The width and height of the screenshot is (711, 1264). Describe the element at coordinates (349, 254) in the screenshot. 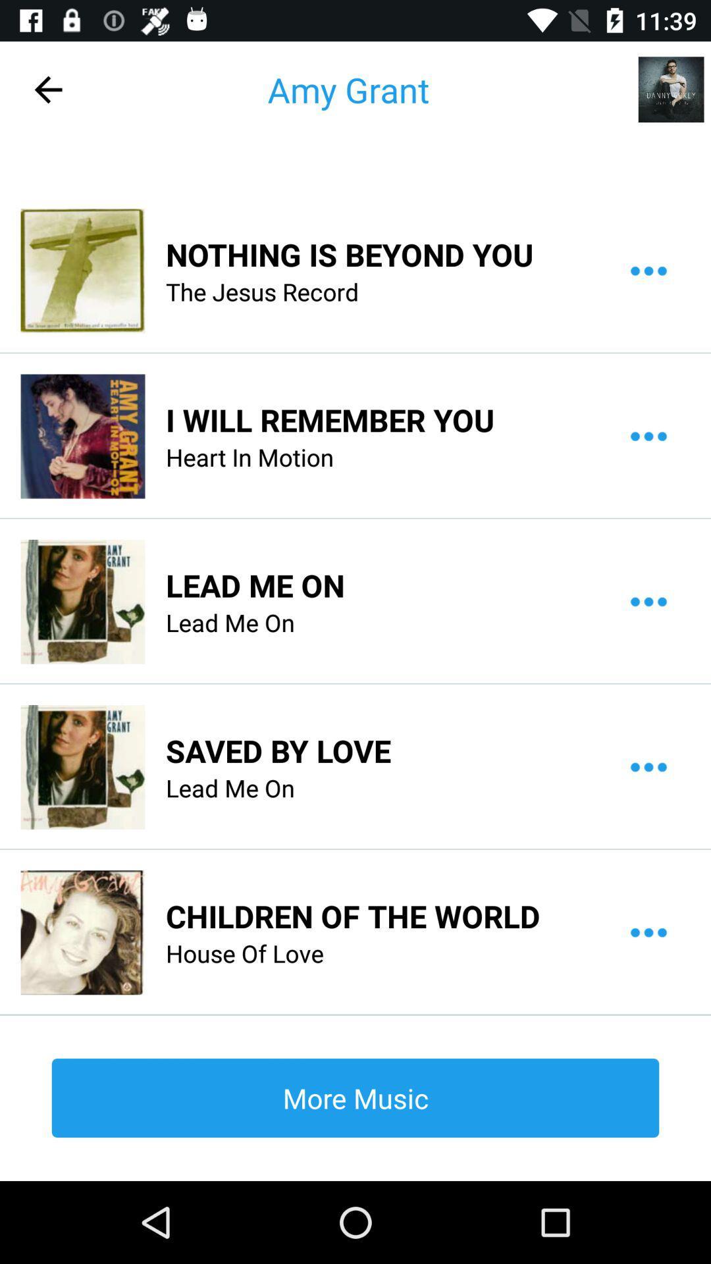

I see `icon below the amy grant` at that location.